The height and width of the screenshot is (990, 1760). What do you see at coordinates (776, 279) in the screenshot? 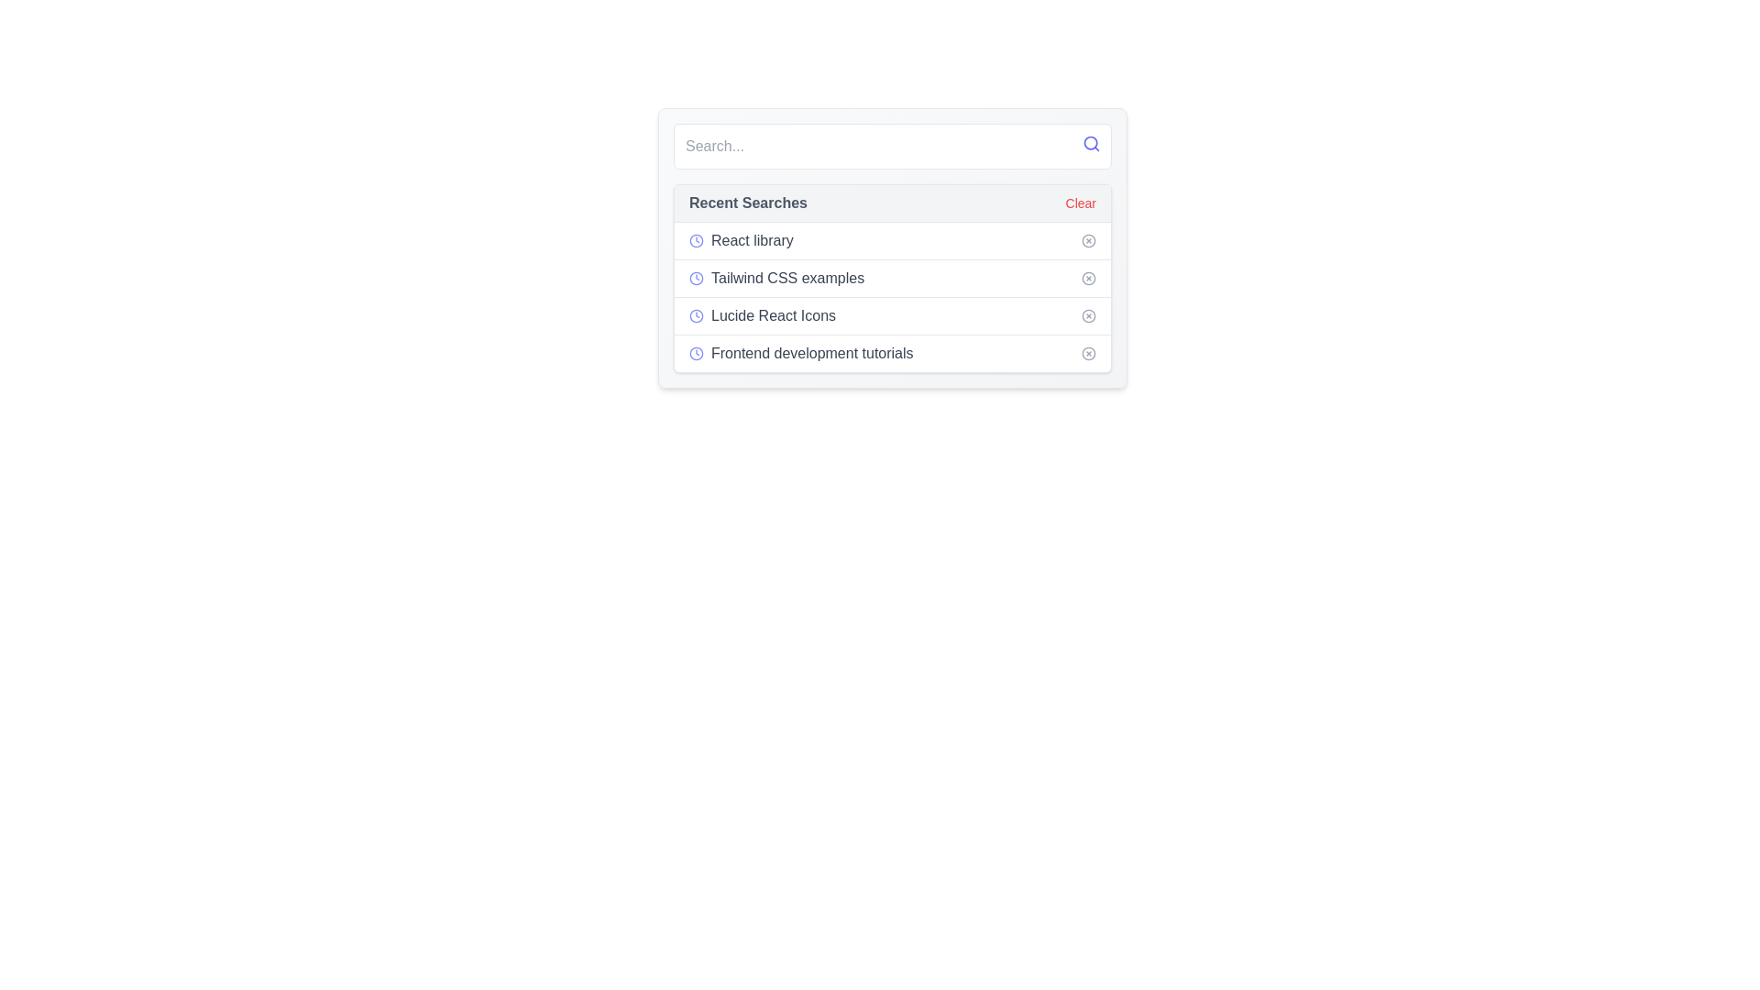
I see `the list item entry with the text 'Tailwind CSS examples' and a clock icon to interact` at bounding box center [776, 279].